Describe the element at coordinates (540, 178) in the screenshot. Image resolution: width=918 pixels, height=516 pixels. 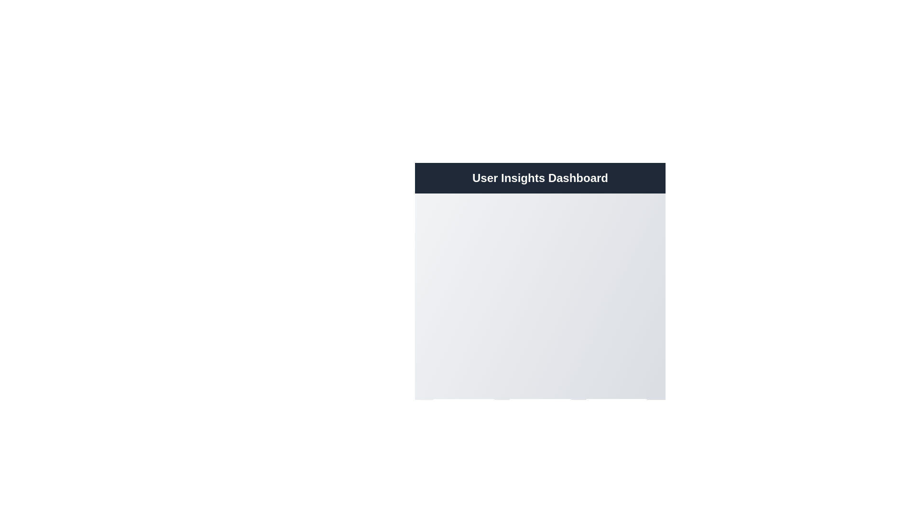
I see `the static text header 'User Insights Dashboard', which is prominently displayed in bold, large white font on a dark background at the top section of the interface` at that location.